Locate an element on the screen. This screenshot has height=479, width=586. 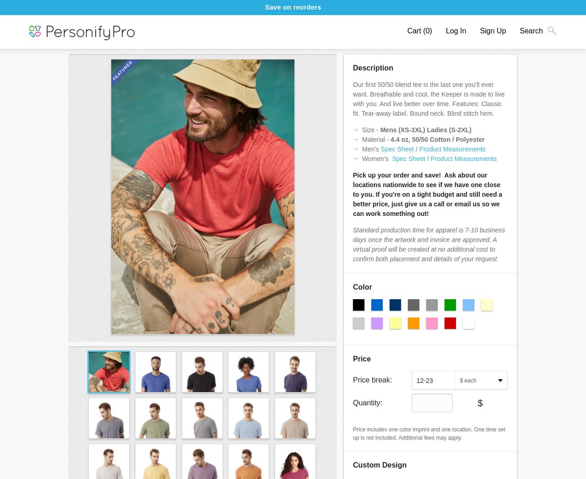
'Mens (XS-3XL) Ladies (S-2XL)' is located at coordinates (380, 129).